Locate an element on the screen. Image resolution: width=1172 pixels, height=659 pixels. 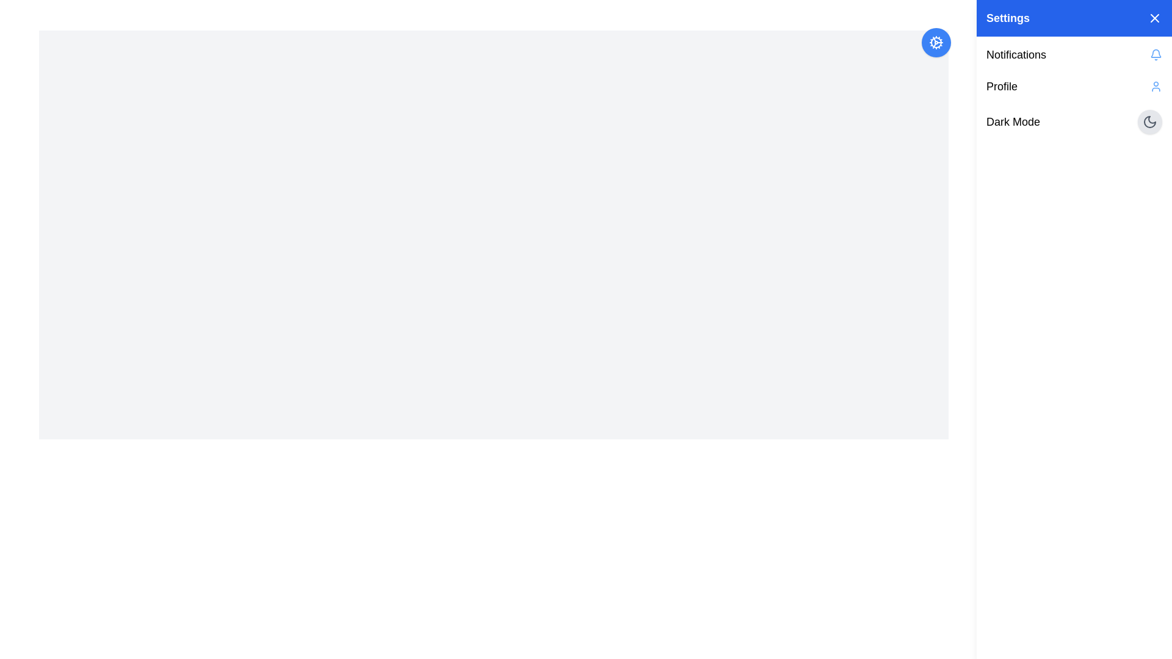
the user information or profile settings icon located on the far-right side of the settings panel, aligned with the 'Profile' label is located at coordinates (1156, 86).